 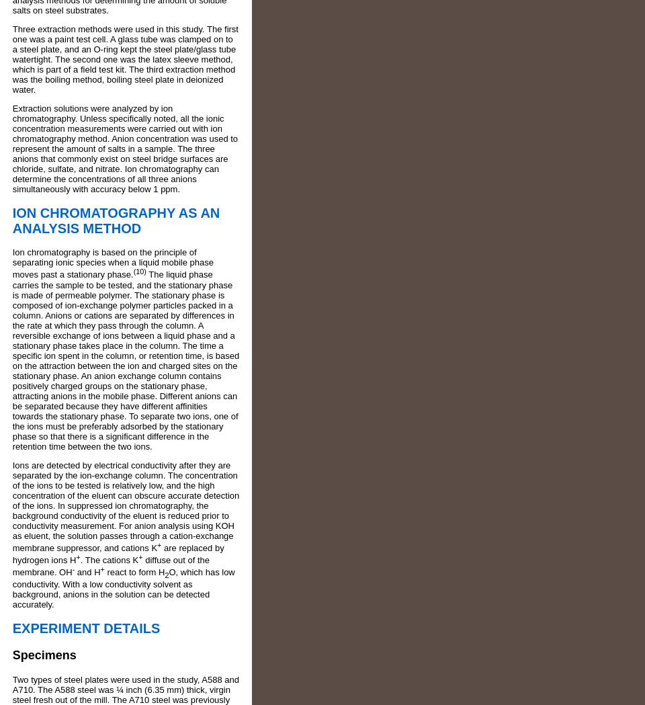 What do you see at coordinates (126, 505) in the screenshot?
I see `'Ions are detected by electrical conductivity after they are  separated by the ion-exchange column. The concentration of the ions to be  tested is relatively low, and the high concentration of the eluent can obscure  accurate detection of the ions. In suppressed ion chromatography, the  background conductivity of the eluent is reduced prior to conductivity  measurement. For anion analysis using KOH as eluent, the solution passes  through a cation-exchange membrane suppressor, and cations K'` at bounding box center [126, 505].